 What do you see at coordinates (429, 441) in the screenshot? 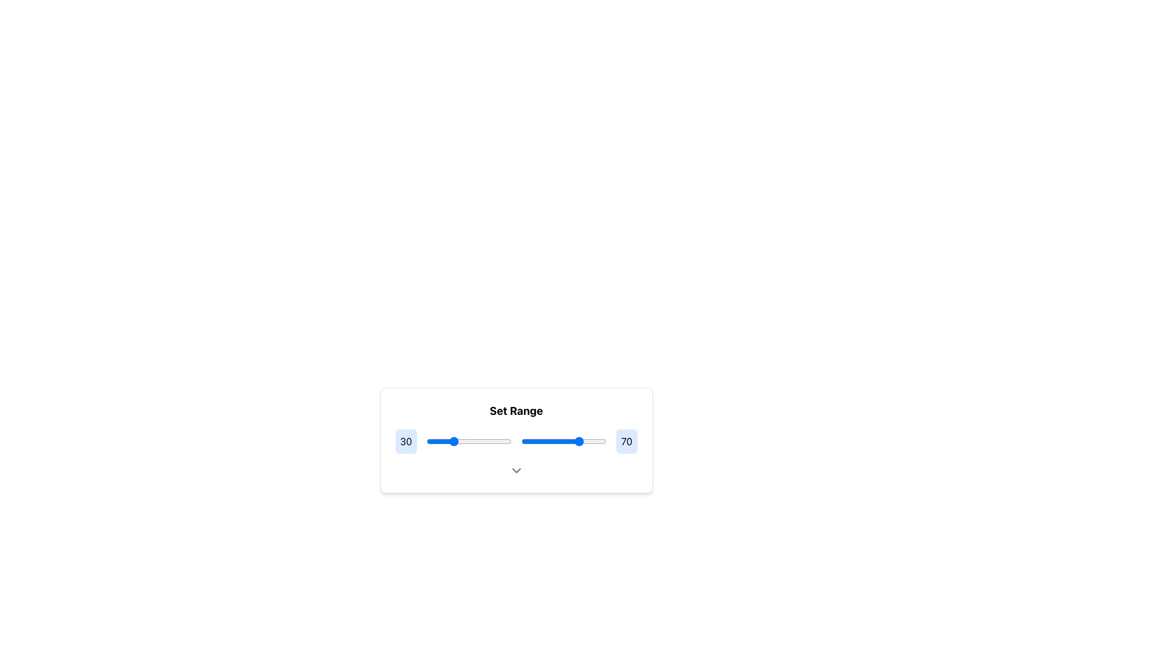
I see `the slider value` at bounding box center [429, 441].